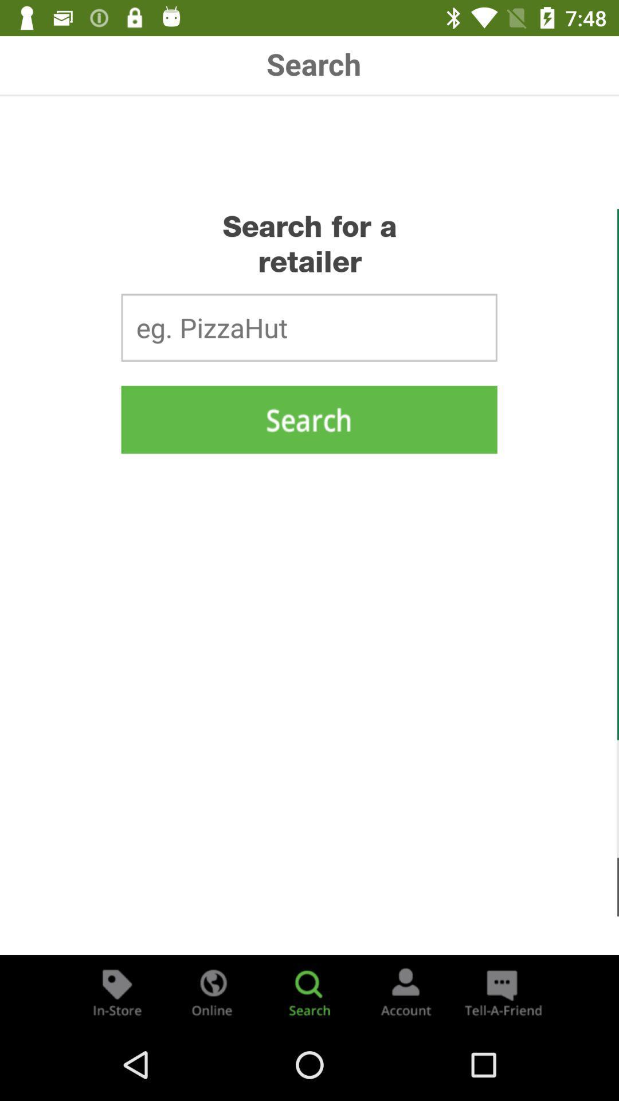 This screenshot has height=1101, width=619. I want to click on retailer name in the input box, so click(308, 327).